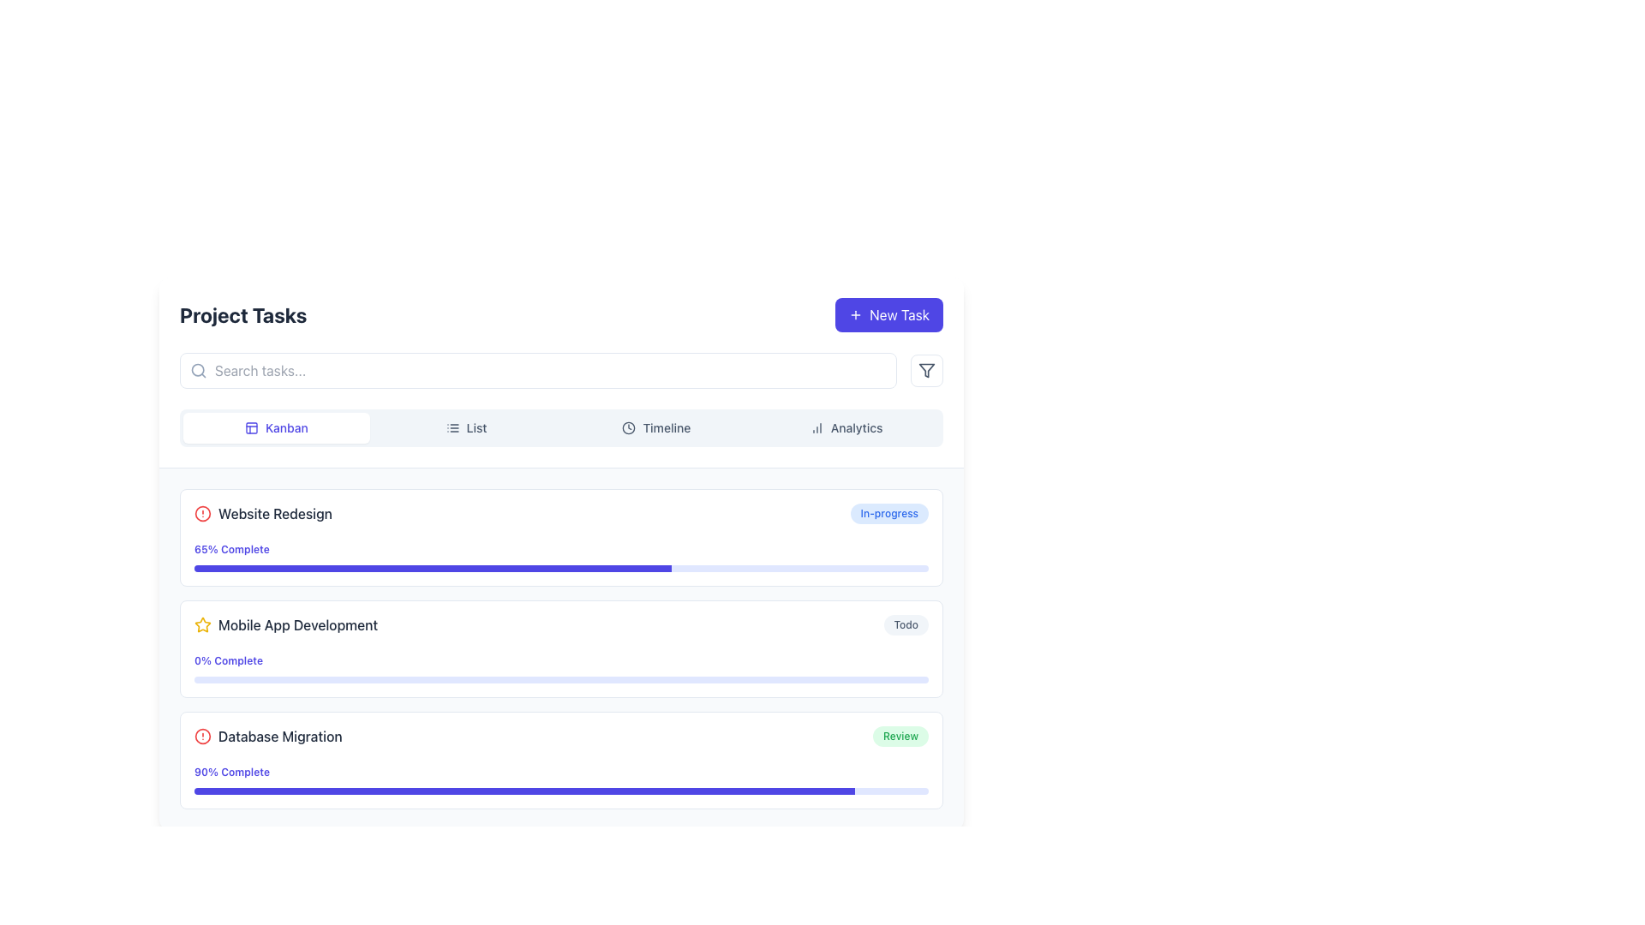 Image resolution: width=1645 pixels, height=925 pixels. Describe the element at coordinates (228, 659) in the screenshot. I see `the text label displaying '0% Complete', which is styled with a small bold indigo font and is located near progress-related components under 'Mobile App Development'` at that location.